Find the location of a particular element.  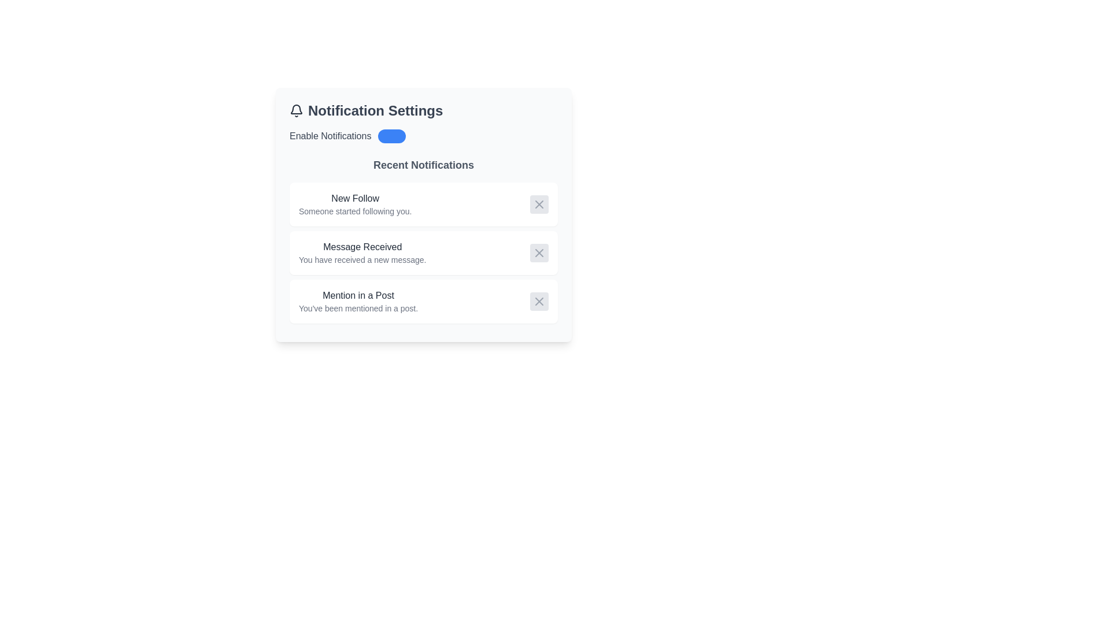

the static text element that serves as the header for the notifications section, located below the 'Enable Notifications' toggle switch is located at coordinates (423, 165).